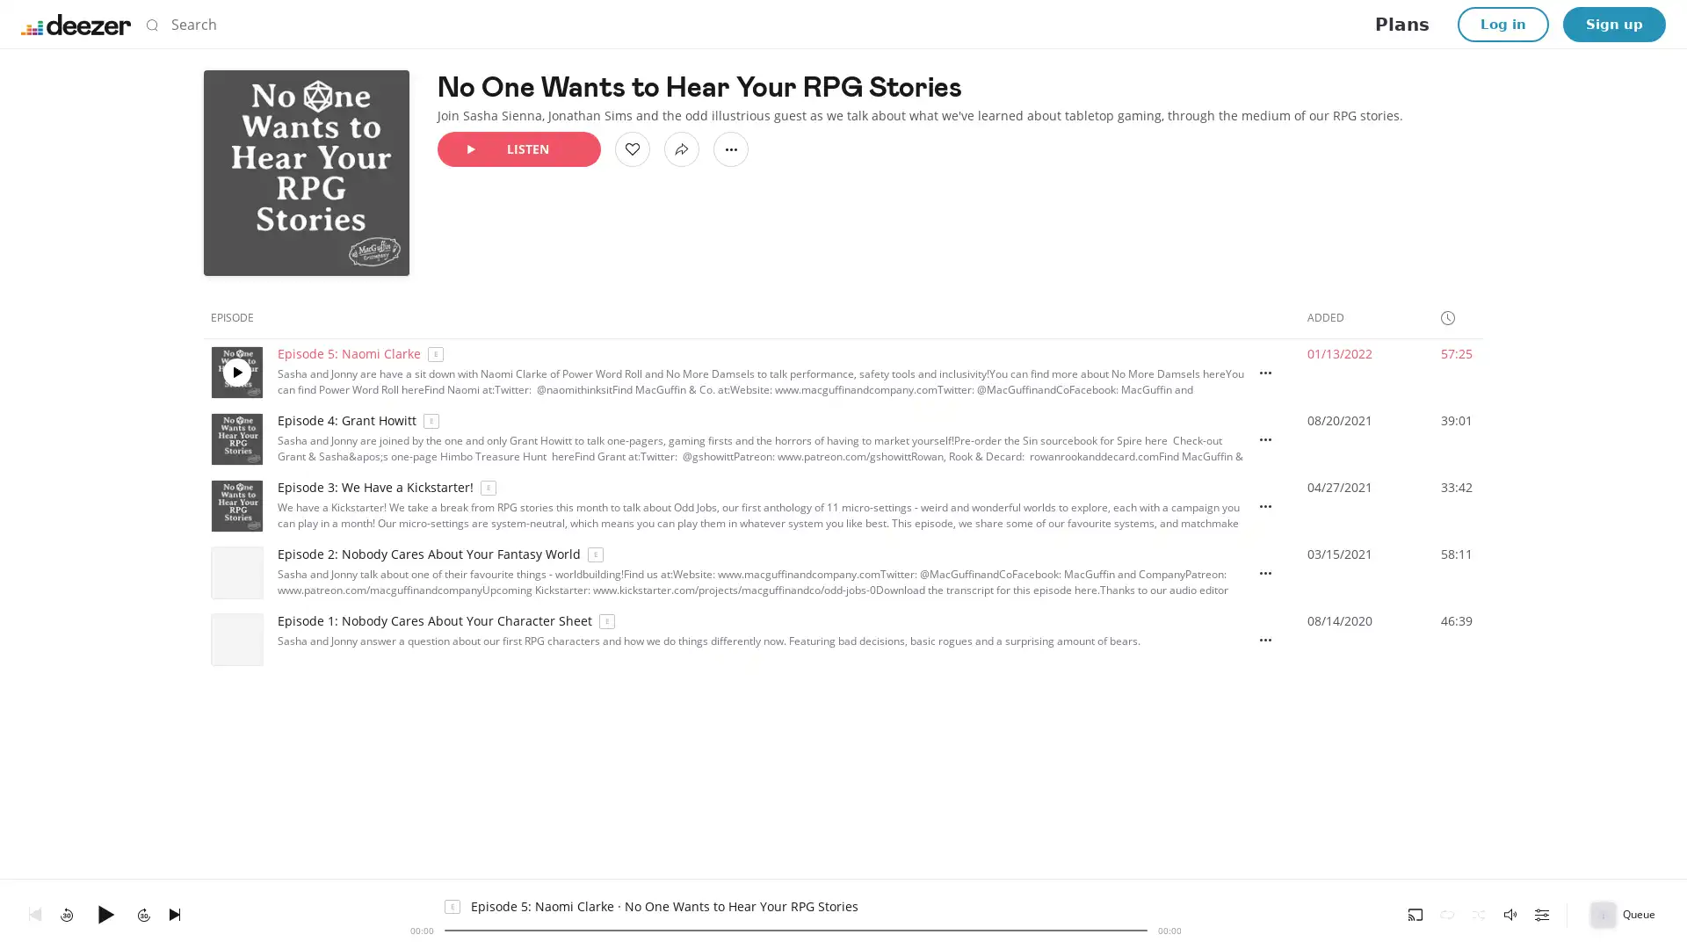 The image size is (1687, 949). Describe the element at coordinates (518, 148) in the screenshot. I see `LISTEN` at that location.